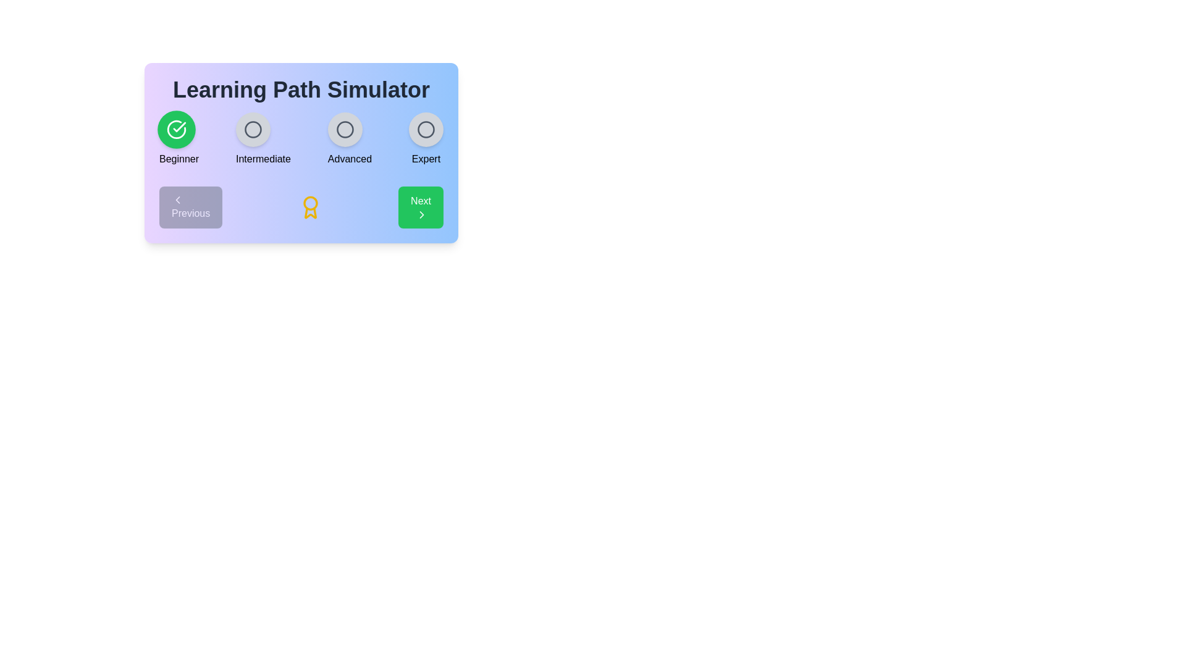  I want to click on the green 'Next' button with rounded corners to visualize tooltip effects, so click(421, 206).